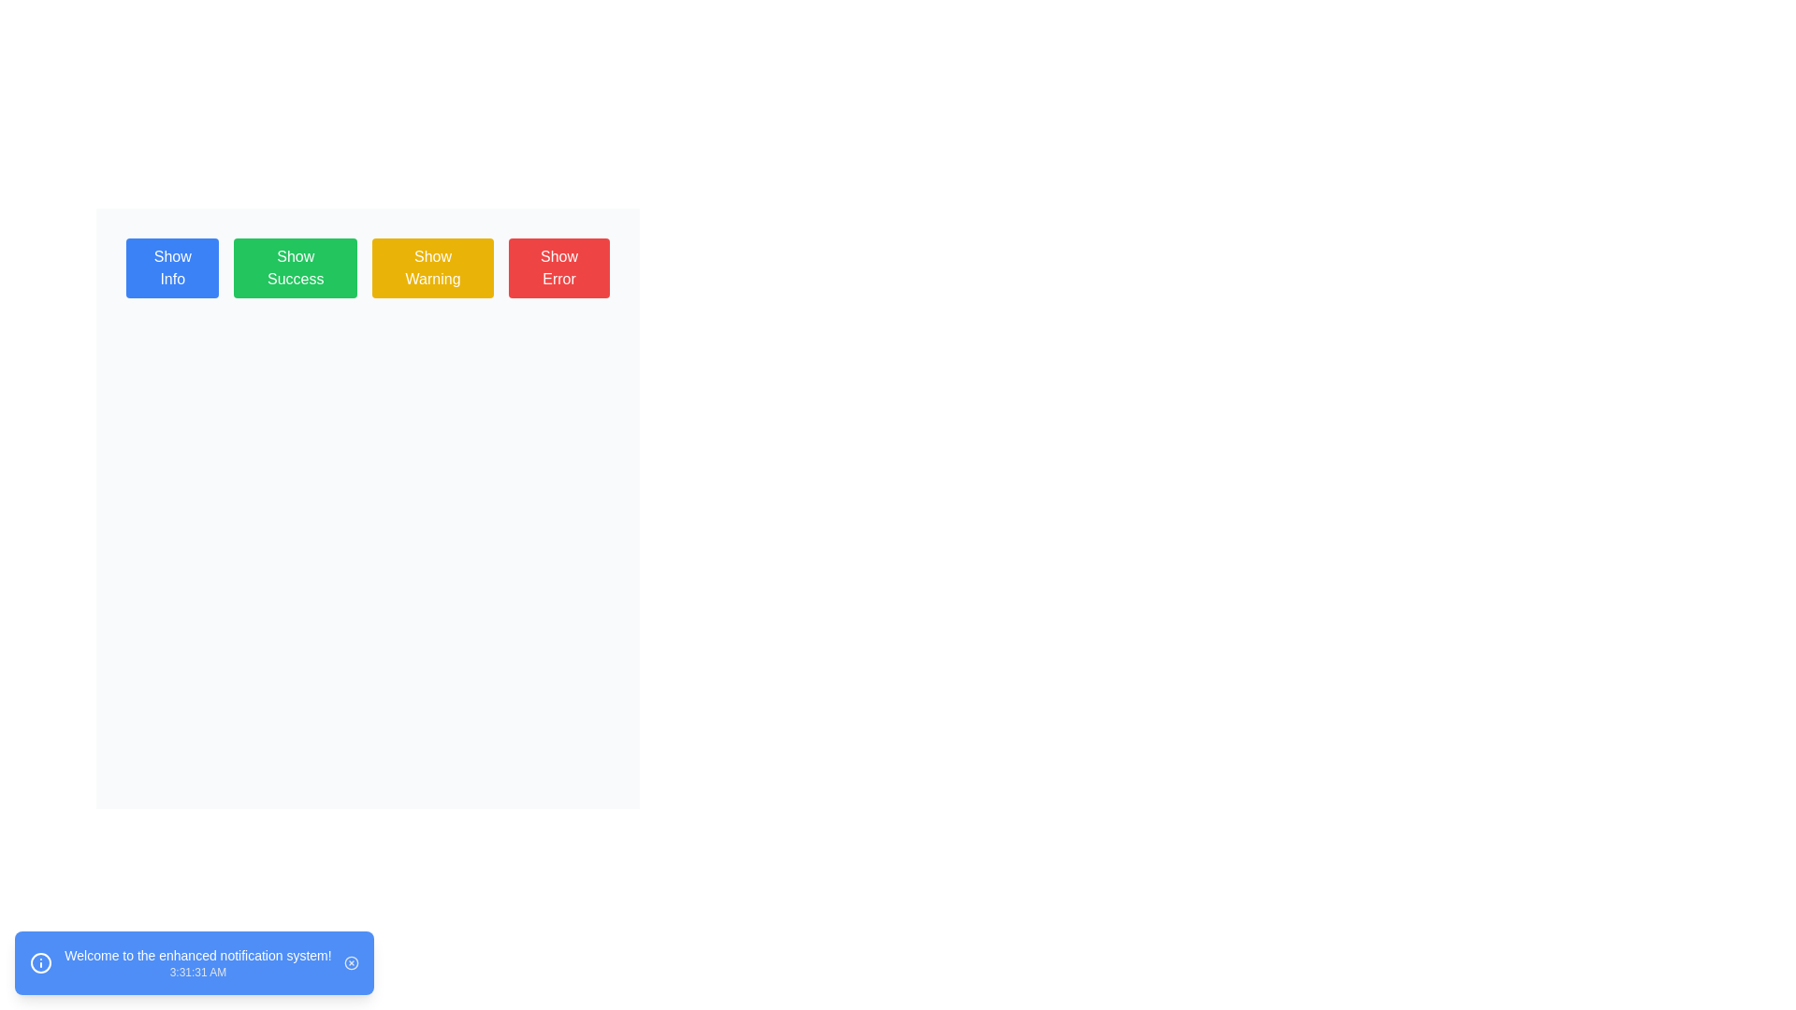  What do you see at coordinates (172, 267) in the screenshot?
I see `the first button in the group of four horizontally-aligned buttons` at bounding box center [172, 267].